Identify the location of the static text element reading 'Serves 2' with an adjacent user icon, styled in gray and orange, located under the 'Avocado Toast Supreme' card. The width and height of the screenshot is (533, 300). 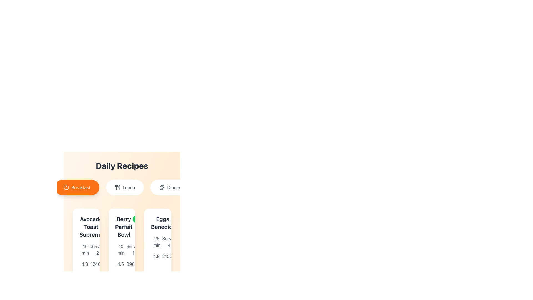
(90, 249).